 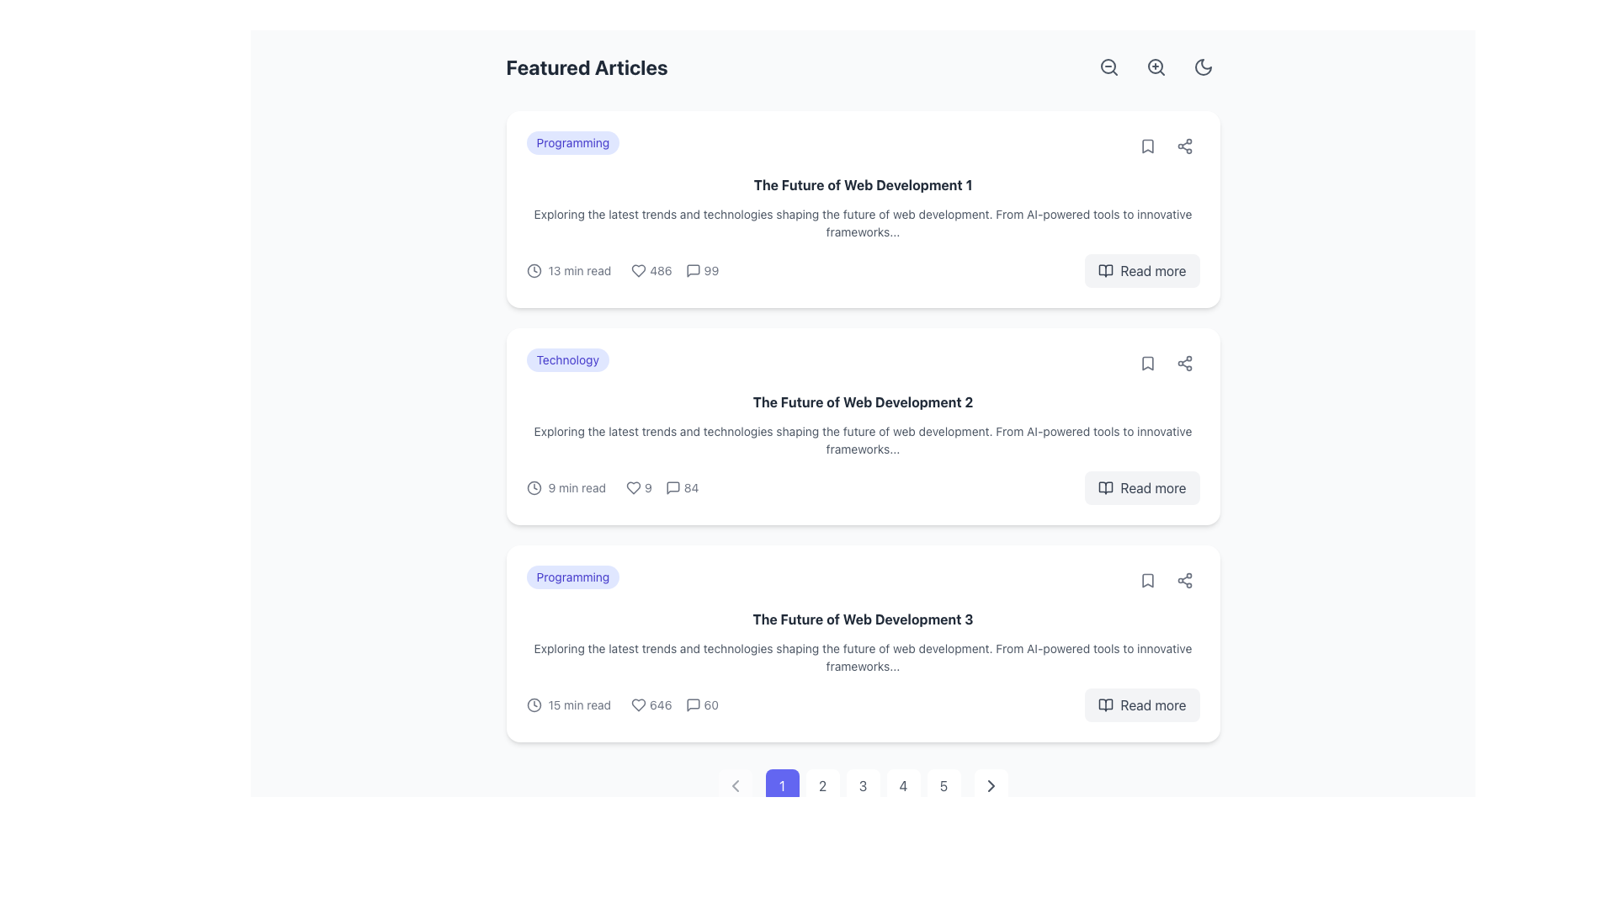 What do you see at coordinates (1202, 66) in the screenshot?
I see `the crescent moon icon in the control bar` at bounding box center [1202, 66].